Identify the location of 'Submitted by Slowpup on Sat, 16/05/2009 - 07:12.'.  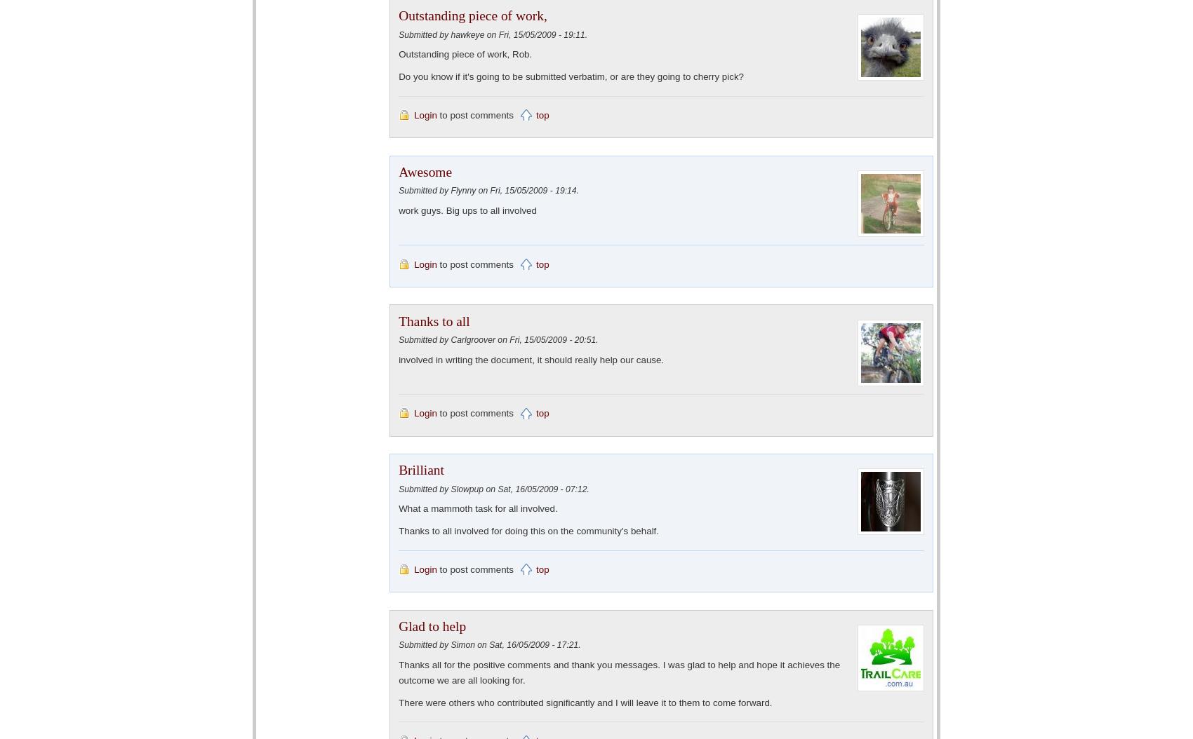
(493, 488).